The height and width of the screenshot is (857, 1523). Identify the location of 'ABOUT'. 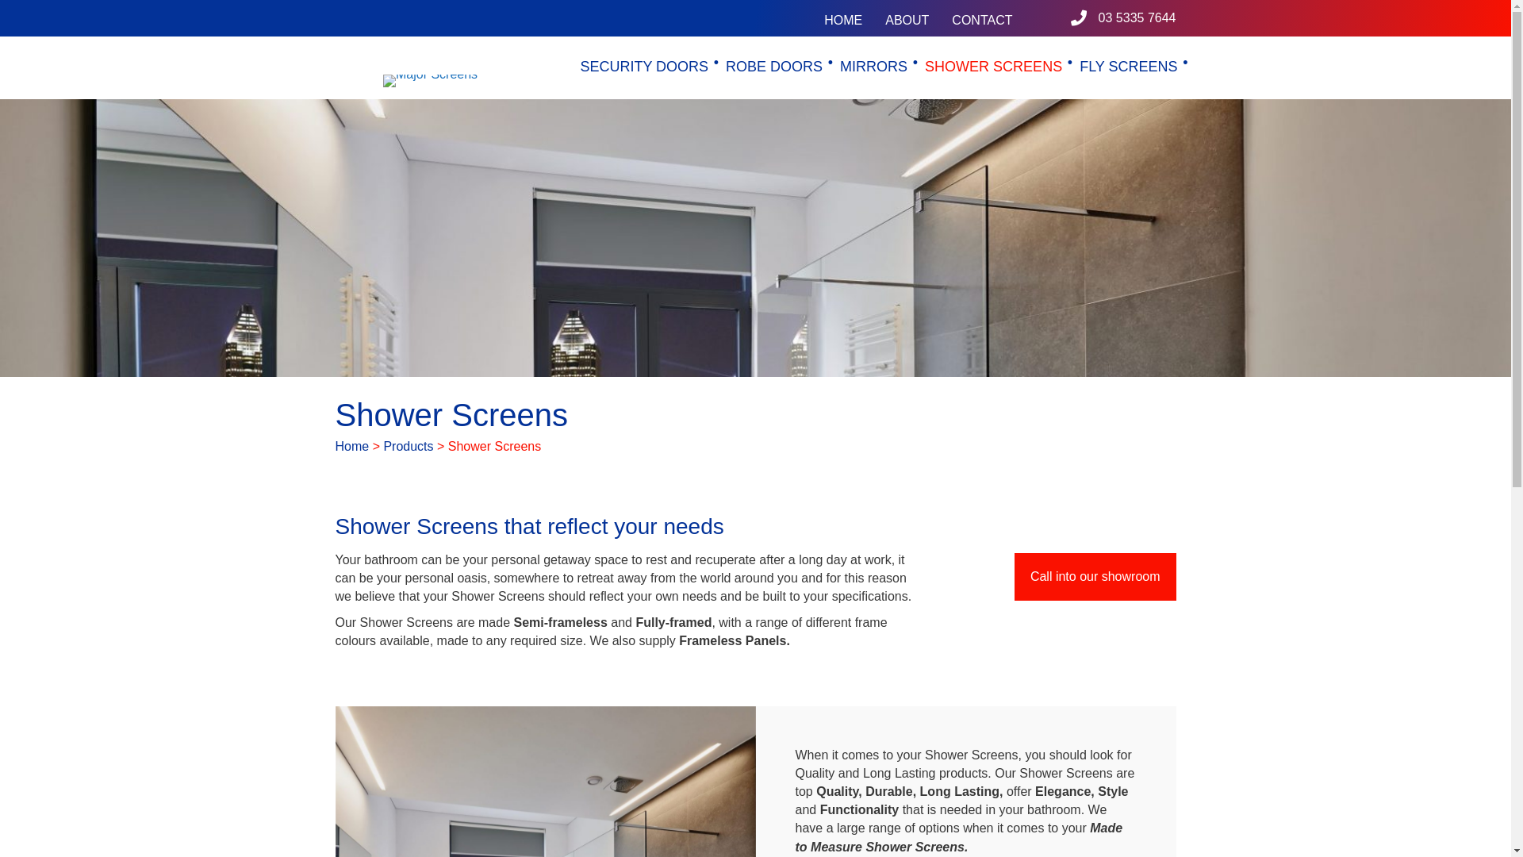
(907, 20).